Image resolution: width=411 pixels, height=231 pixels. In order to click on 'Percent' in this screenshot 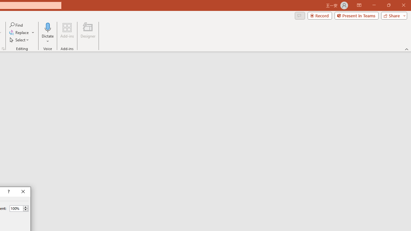, I will do `click(19, 209)`.